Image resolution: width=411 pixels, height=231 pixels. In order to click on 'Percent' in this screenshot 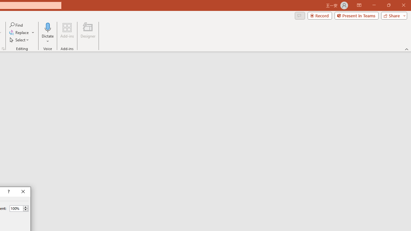, I will do `click(19, 209)`.